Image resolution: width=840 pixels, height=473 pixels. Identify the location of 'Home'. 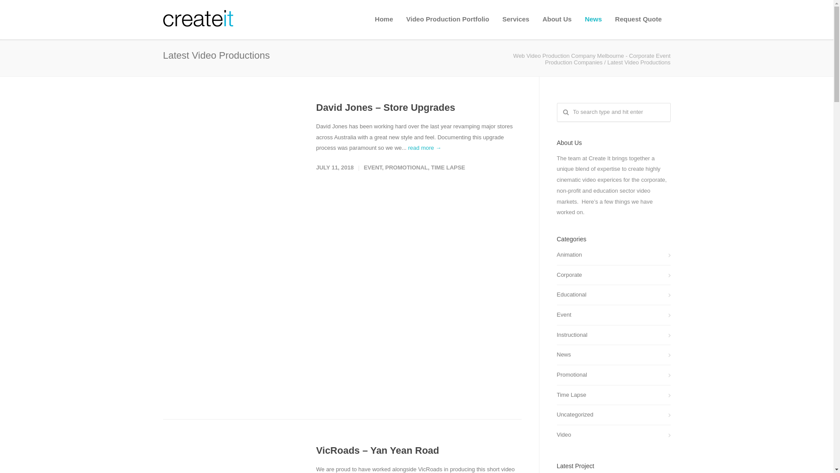
(384, 19).